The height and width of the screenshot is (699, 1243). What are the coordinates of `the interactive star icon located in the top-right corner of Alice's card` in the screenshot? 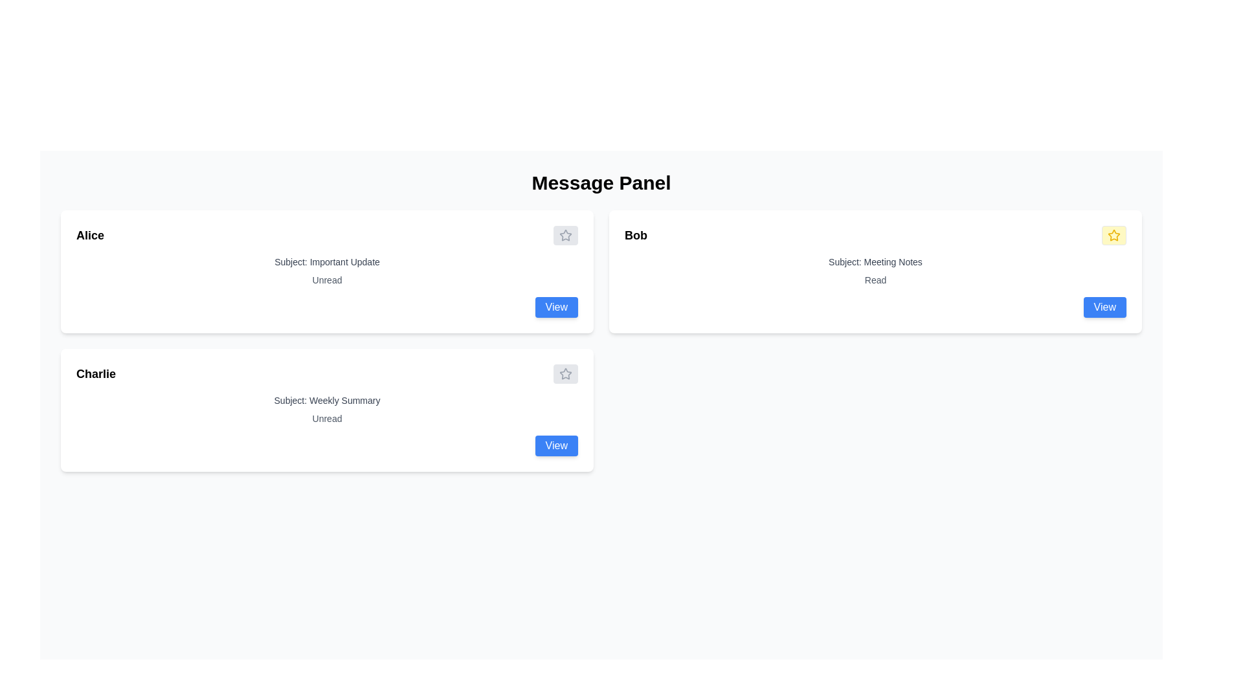 It's located at (565, 235).